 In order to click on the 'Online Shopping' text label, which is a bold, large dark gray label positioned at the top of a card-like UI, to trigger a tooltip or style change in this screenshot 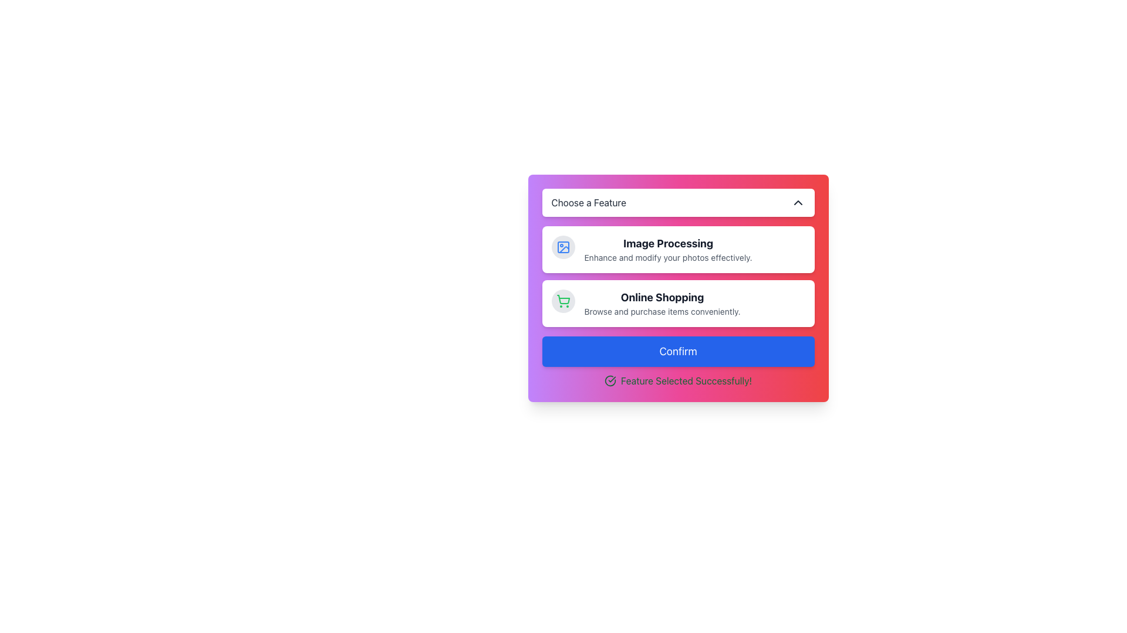, I will do `click(662, 297)`.